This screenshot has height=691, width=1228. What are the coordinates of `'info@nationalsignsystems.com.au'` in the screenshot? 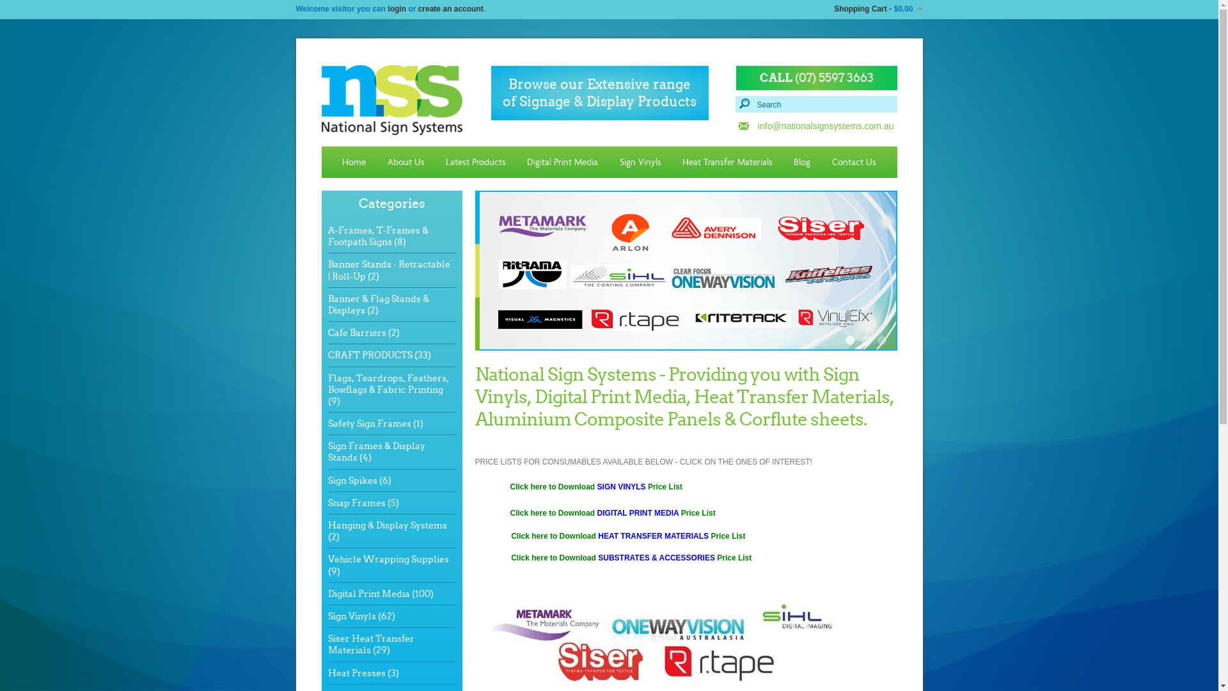 It's located at (815, 125).